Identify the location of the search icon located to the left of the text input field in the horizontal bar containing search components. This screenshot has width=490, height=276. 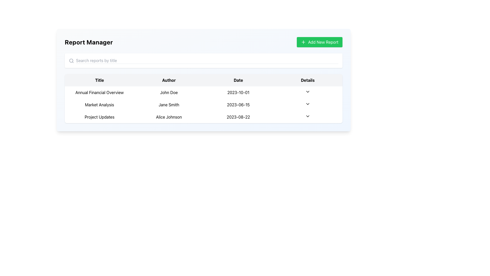
(71, 60).